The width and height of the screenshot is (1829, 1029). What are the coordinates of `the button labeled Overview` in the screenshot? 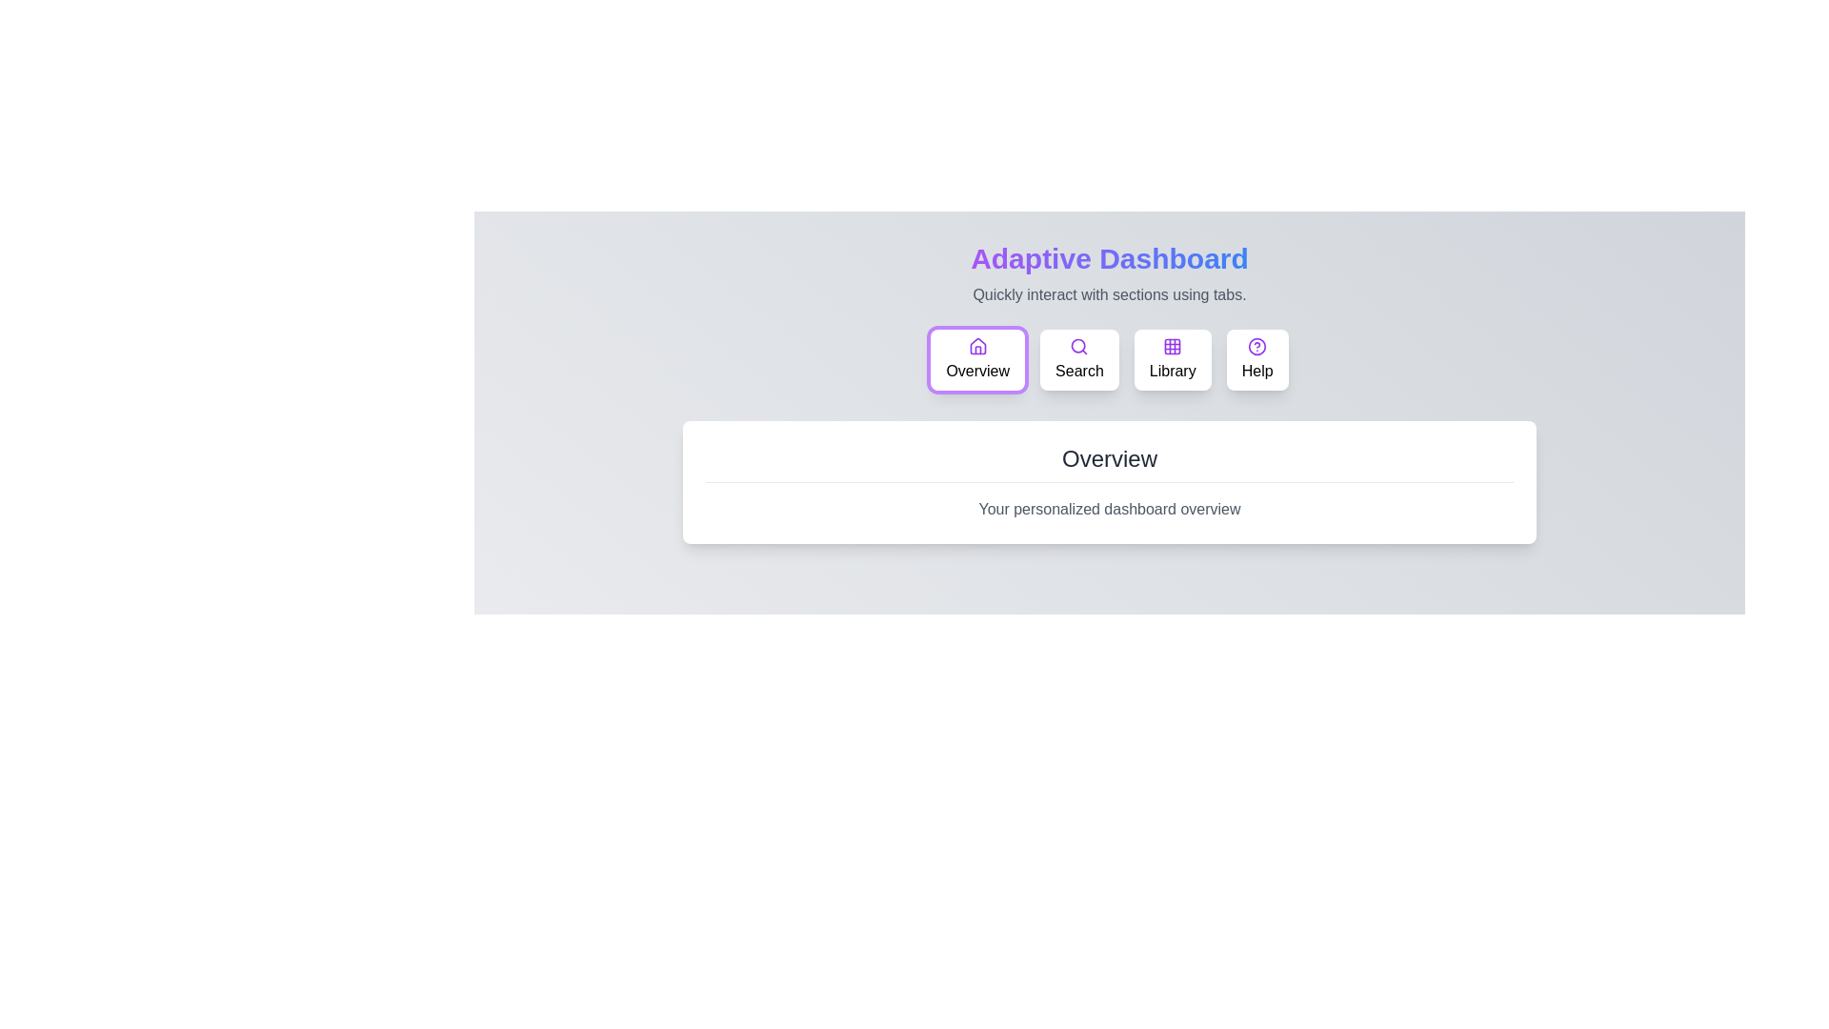 It's located at (977, 360).